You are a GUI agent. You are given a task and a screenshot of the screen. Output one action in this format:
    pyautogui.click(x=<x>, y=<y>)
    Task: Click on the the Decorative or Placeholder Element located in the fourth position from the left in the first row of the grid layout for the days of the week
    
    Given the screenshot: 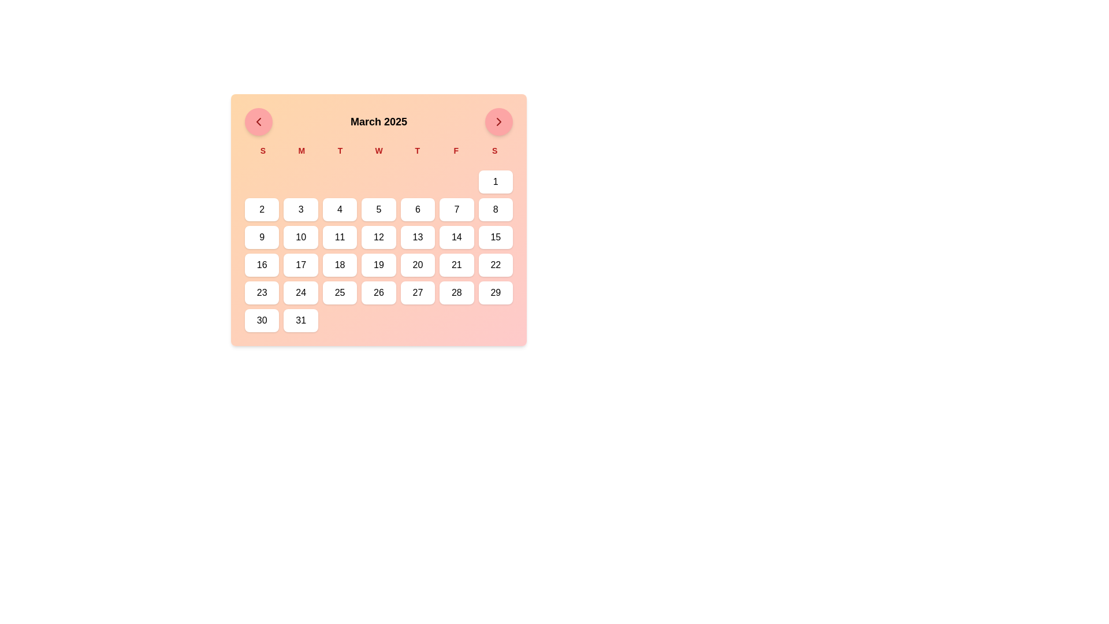 What is the action you would take?
    pyautogui.click(x=379, y=182)
    